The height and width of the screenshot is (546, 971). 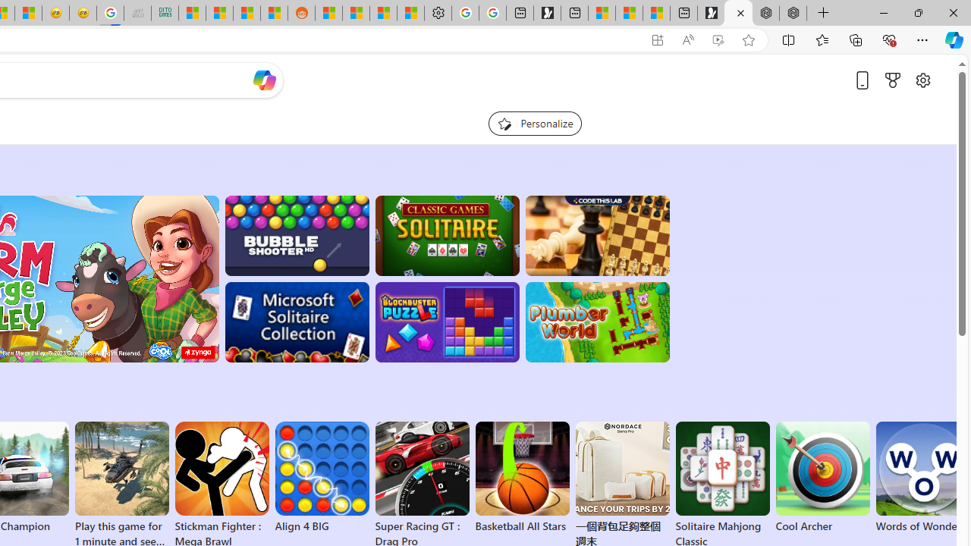 What do you see at coordinates (717, 39) in the screenshot?
I see `'Enhance video'` at bounding box center [717, 39].